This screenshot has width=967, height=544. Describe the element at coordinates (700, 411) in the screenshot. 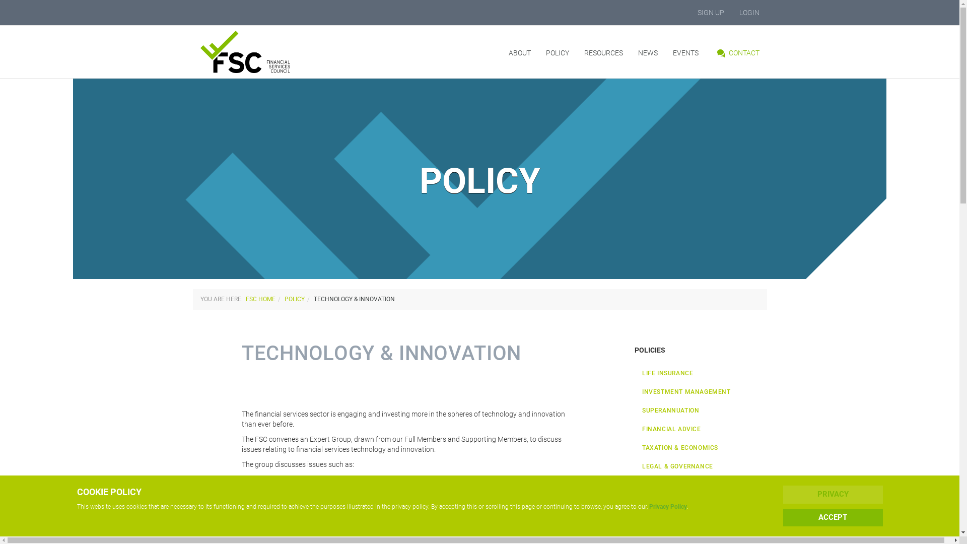

I see `'SUPERANNUATION'` at that location.